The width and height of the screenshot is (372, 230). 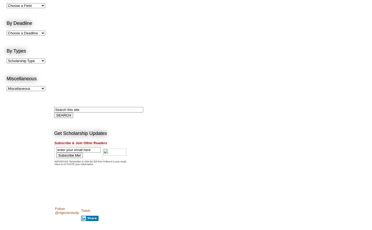 What do you see at coordinates (80, 133) in the screenshot?
I see `'Get Scholarship Updates'` at bounding box center [80, 133].